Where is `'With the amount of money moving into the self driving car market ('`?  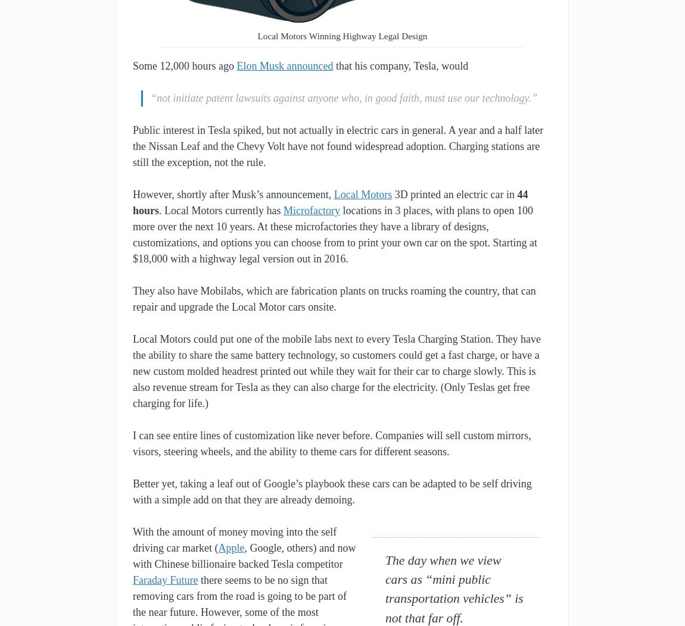 'With the amount of money moving into the self driving car market (' is located at coordinates (132, 540).